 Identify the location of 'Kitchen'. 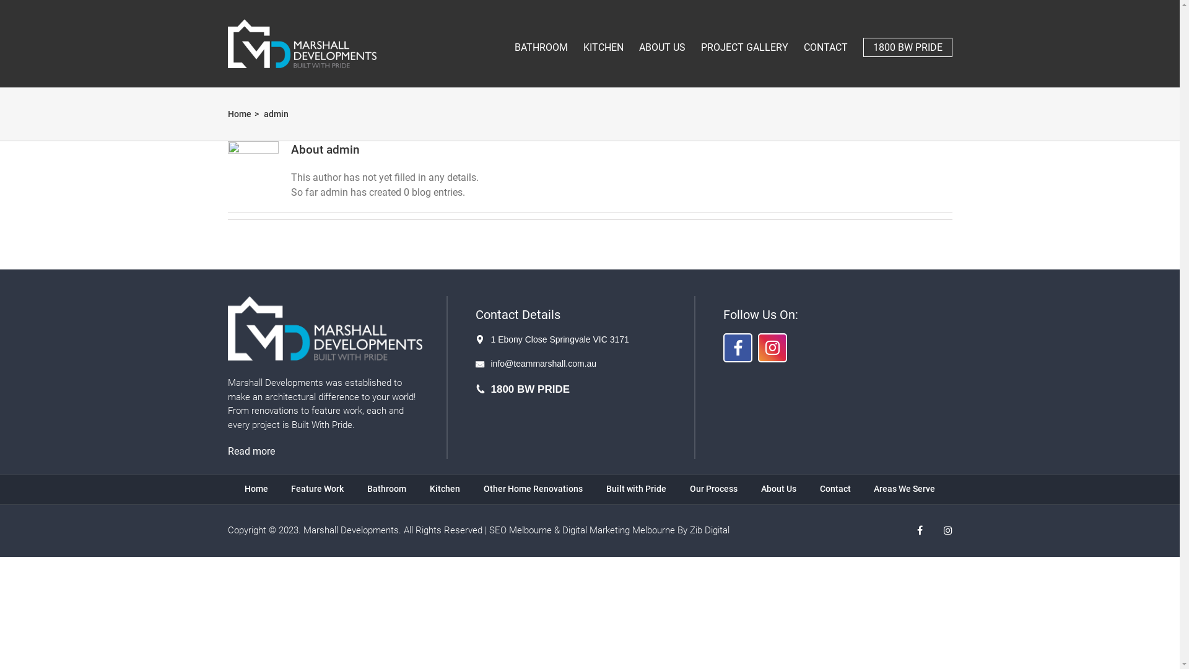
(430, 488).